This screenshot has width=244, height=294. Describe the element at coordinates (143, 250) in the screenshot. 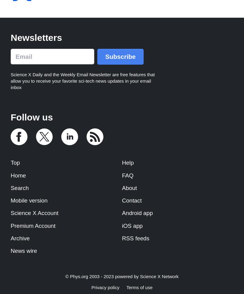

I see `'Push notification'` at that location.